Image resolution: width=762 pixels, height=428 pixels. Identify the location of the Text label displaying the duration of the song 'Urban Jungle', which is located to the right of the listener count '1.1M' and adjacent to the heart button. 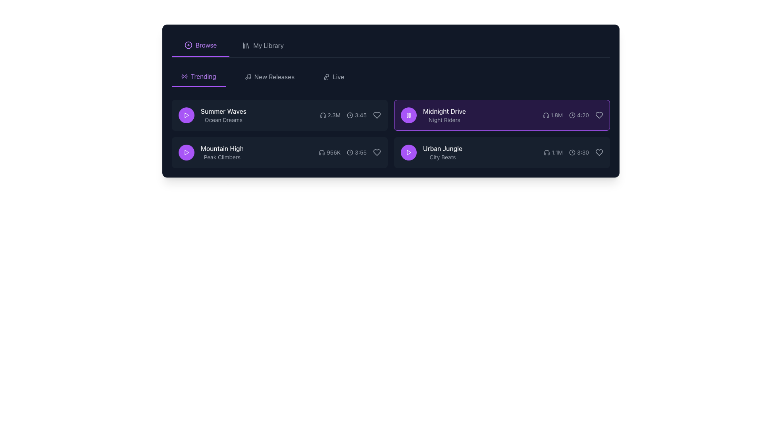
(579, 153).